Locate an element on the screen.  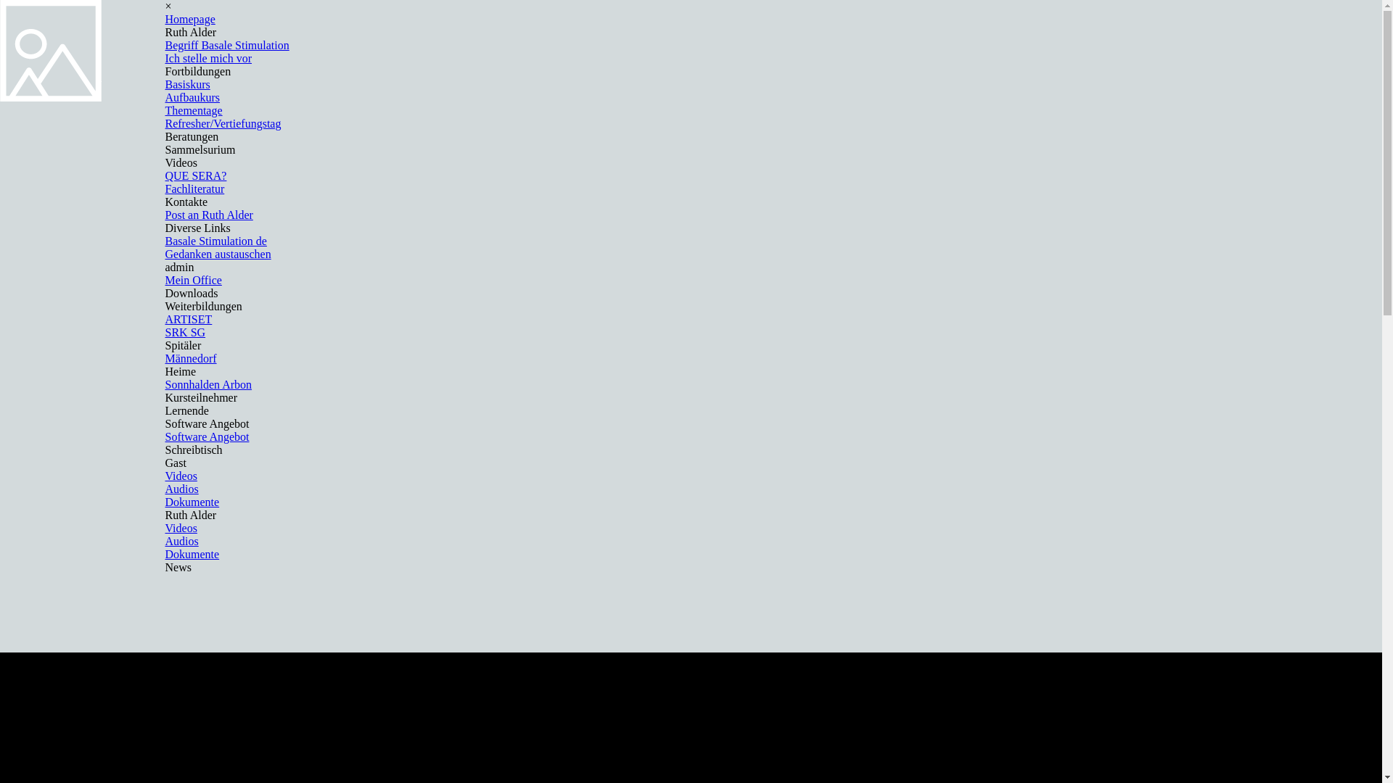
'SRK SG' is located at coordinates (184, 332).